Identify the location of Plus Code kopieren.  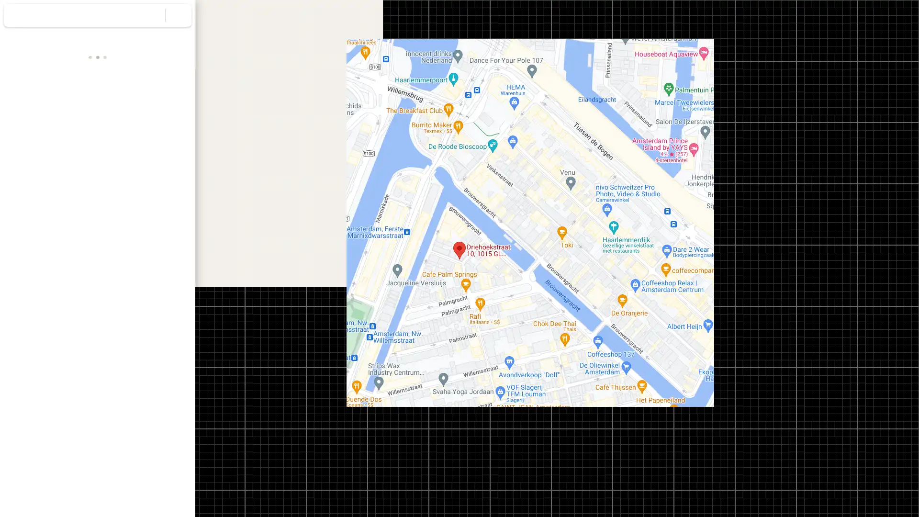
(157, 243).